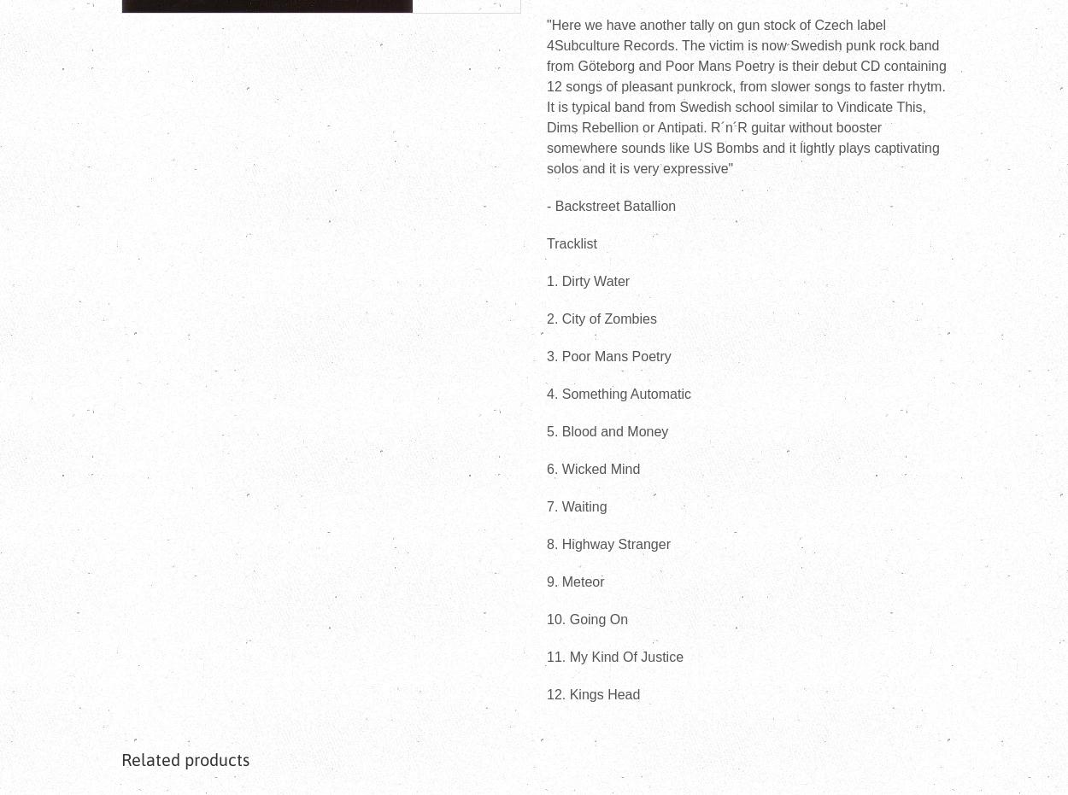  What do you see at coordinates (607, 431) in the screenshot?
I see `'5. Blood and Money'` at bounding box center [607, 431].